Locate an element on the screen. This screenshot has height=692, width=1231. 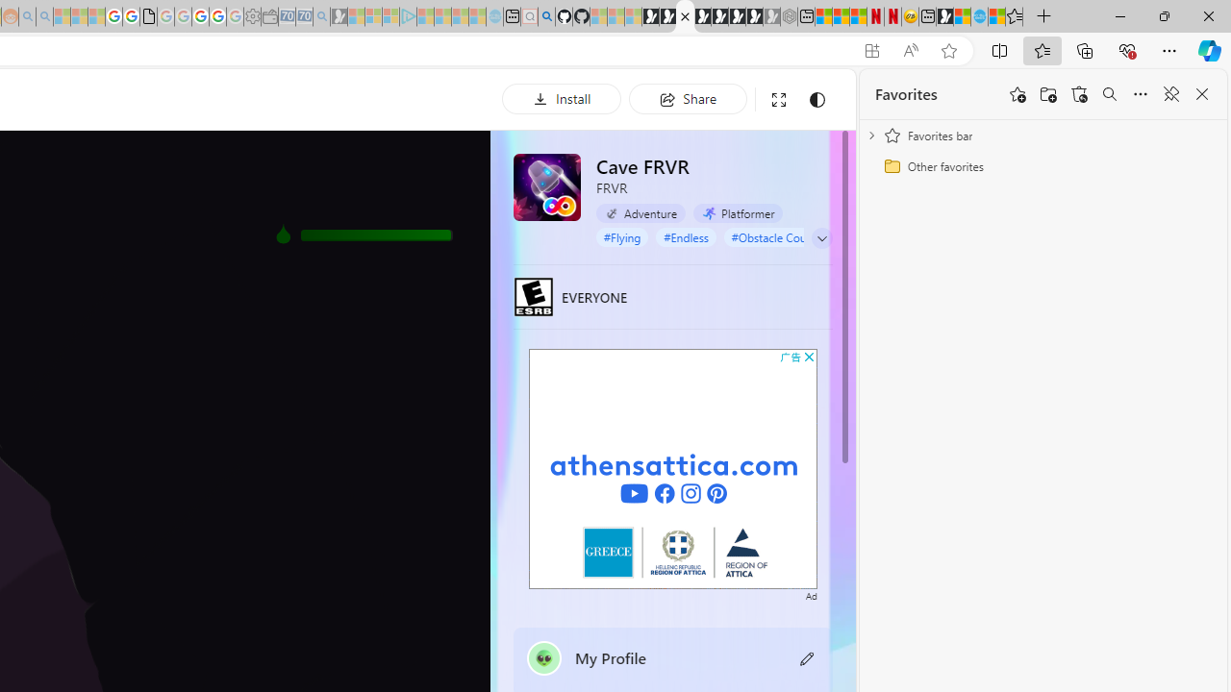
'Adventure' is located at coordinates (641, 212).